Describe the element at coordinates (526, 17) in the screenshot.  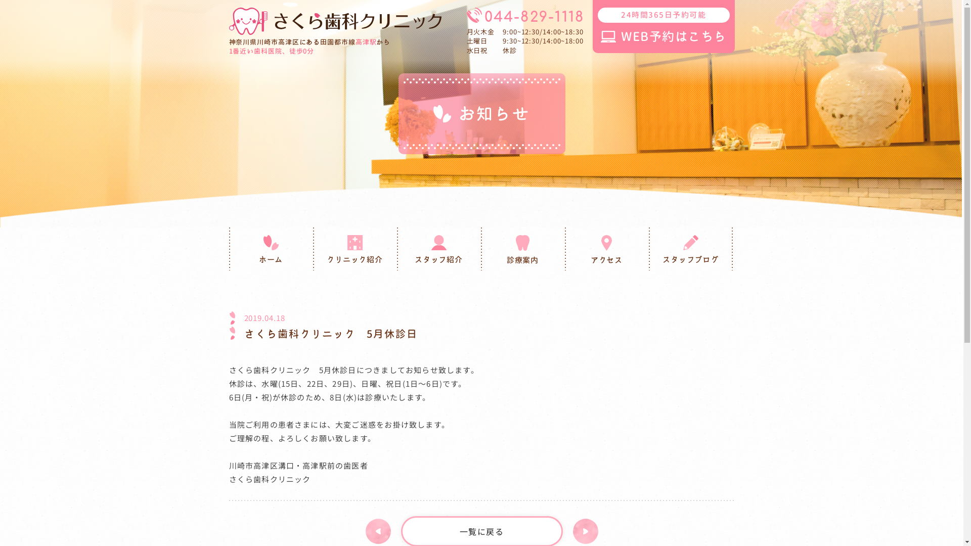
I see `'044-829-1118'` at that location.